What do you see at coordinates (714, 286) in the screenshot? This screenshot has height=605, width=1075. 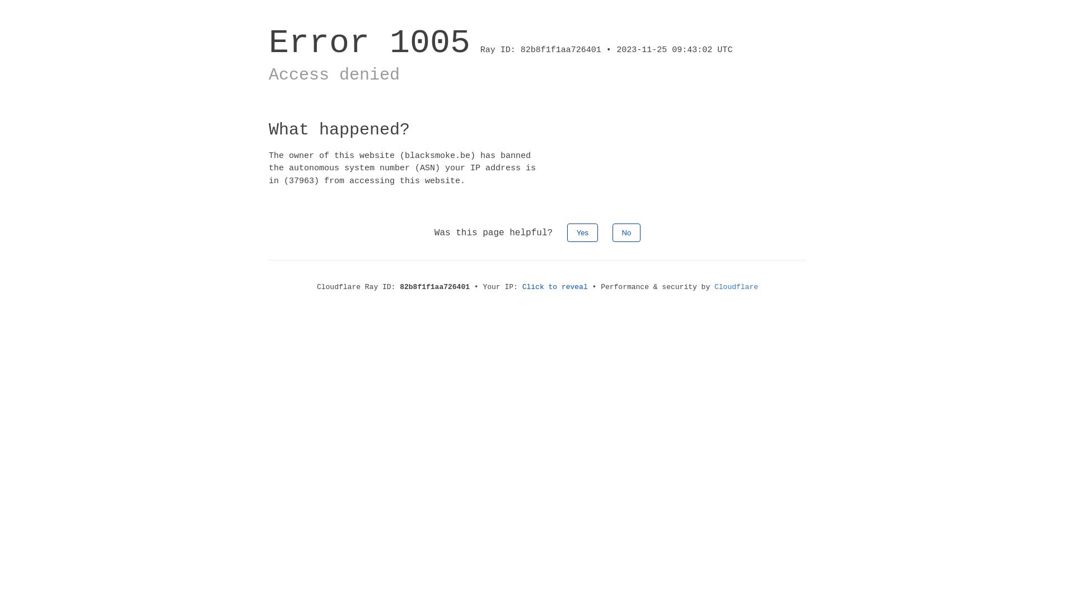 I see `'Cloudflare'` at bounding box center [714, 286].